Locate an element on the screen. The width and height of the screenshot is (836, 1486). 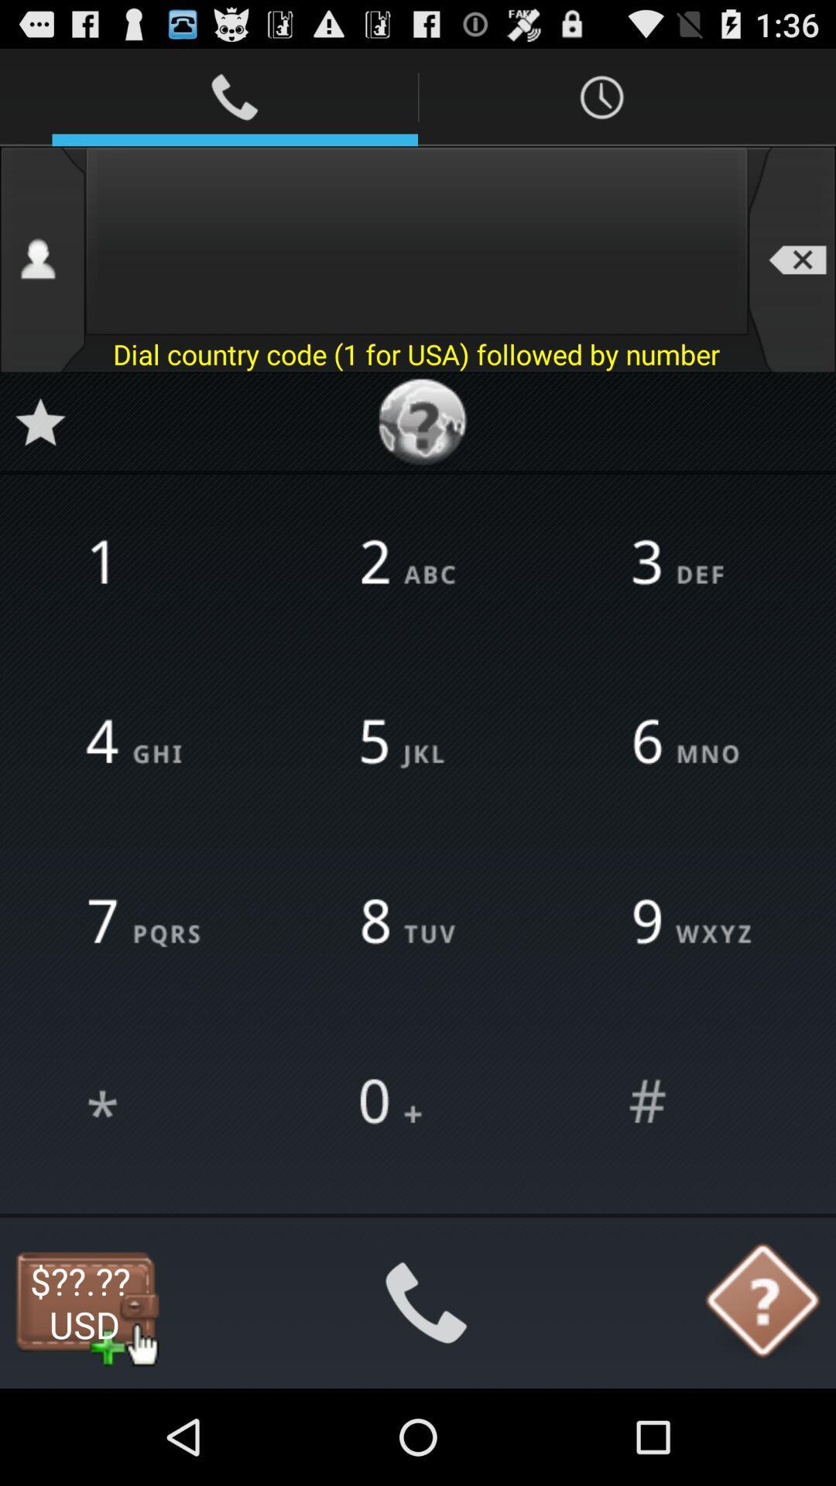
first icon from top right is located at coordinates (601, 96).